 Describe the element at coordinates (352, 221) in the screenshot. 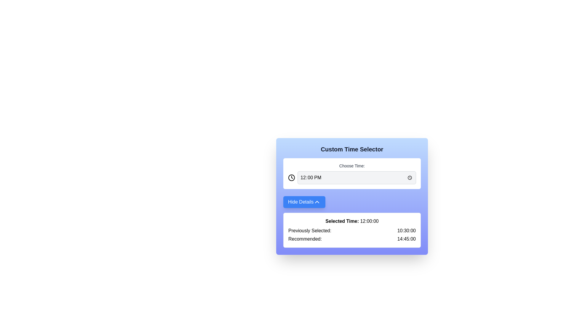

I see `the static text display that shows 'Selected Time: 12:00:00', which is styled with bold emphasis on 'Selected Time:' and is positioned at the bottom of the interface above other values` at that location.